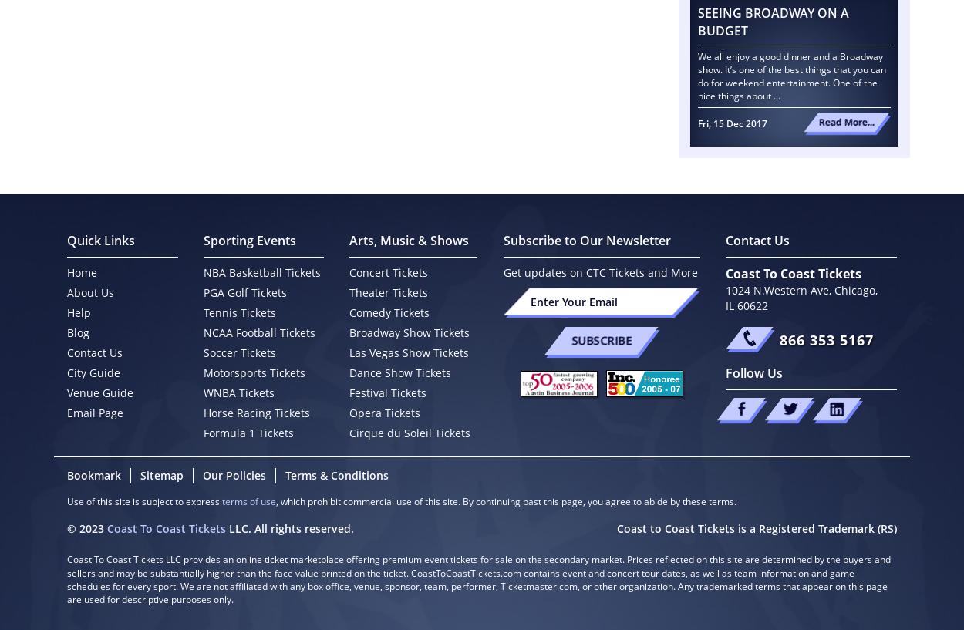 This screenshot has height=630, width=964. What do you see at coordinates (86, 527) in the screenshot?
I see `'© 2023'` at bounding box center [86, 527].